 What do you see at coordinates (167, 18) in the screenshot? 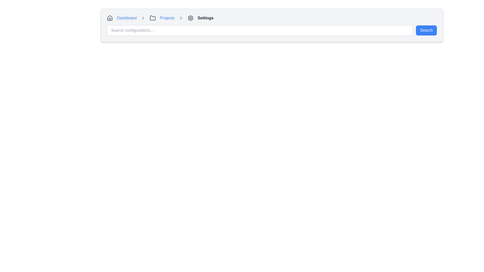
I see `the third interactive text link in the horizontal breadcrumb navigation bar, which serves as a hyperlink to the 'Projects' section of the application` at bounding box center [167, 18].